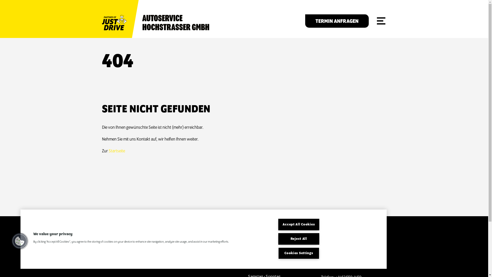 Image resolution: width=492 pixels, height=277 pixels. What do you see at coordinates (299, 224) in the screenshot?
I see `'Accept All Cookies'` at bounding box center [299, 224].